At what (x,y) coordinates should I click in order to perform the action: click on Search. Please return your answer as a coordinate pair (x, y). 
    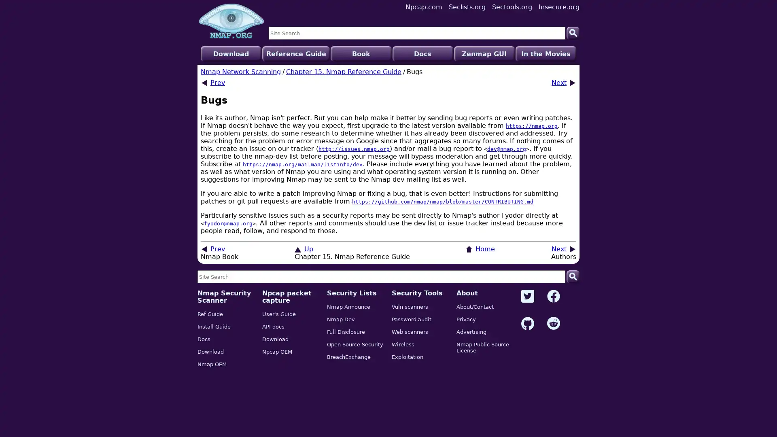
    Looking at the image, I should click on (573, 276).